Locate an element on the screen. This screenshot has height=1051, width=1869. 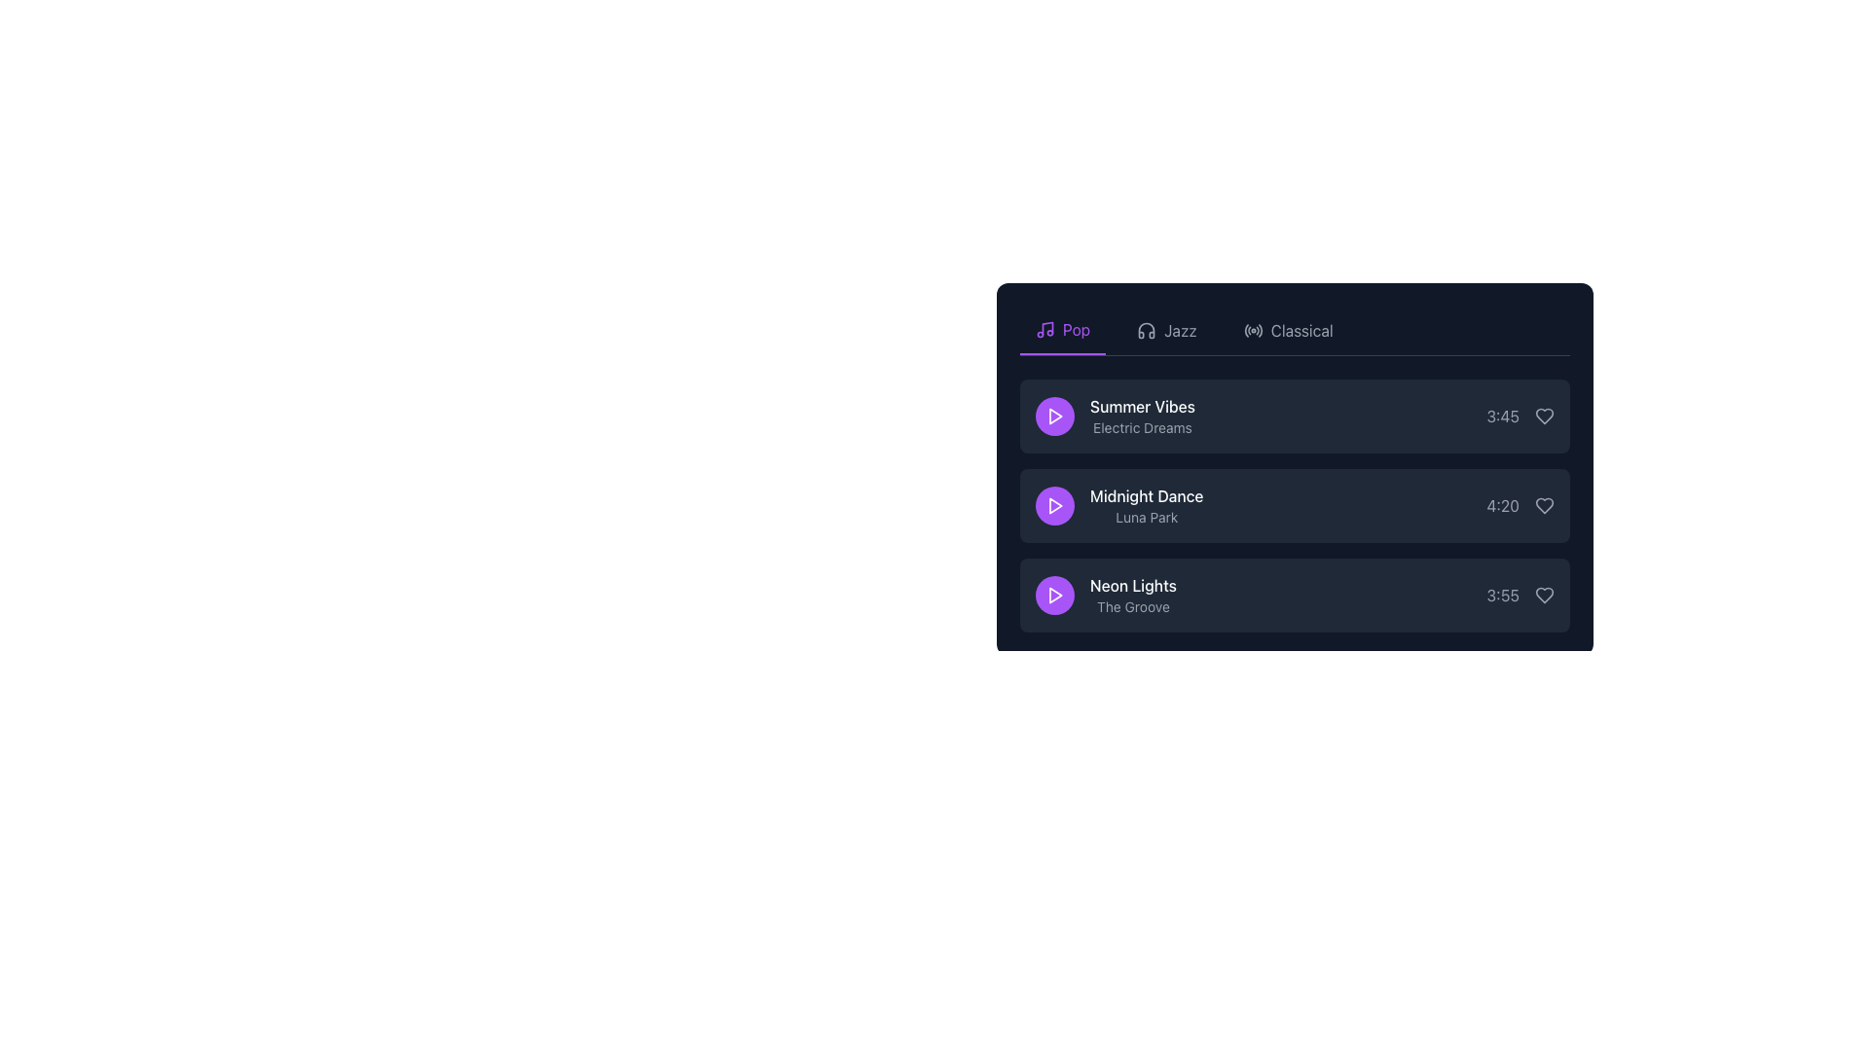
the static text display that shows the duration of the track 'Summer Vibes', located at the far-right end of the list item is located at coordinates (1520, 416).